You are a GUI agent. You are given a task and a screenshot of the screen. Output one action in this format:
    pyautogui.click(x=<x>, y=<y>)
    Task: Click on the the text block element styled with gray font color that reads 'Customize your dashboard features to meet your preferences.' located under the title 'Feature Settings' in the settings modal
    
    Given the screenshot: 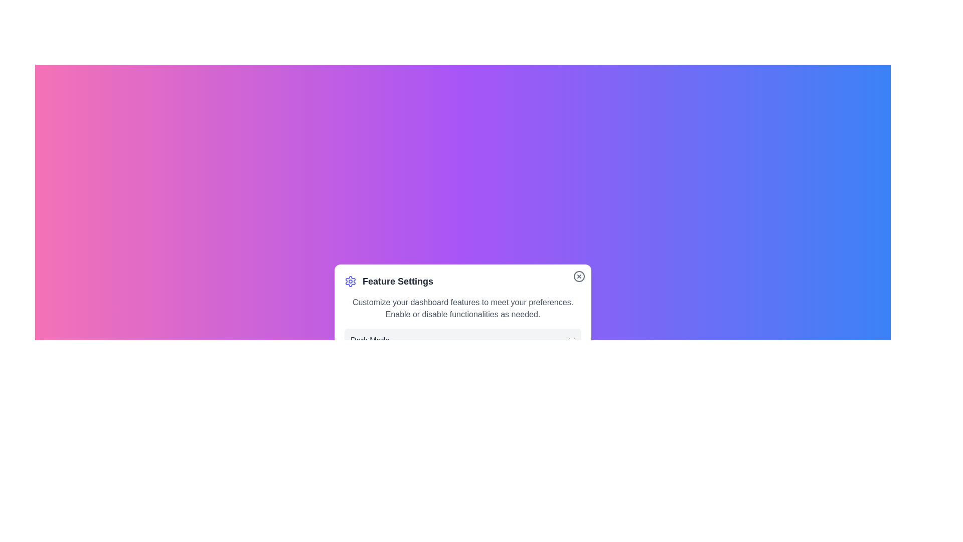 What is the action you would take?
    pyautogui.click(x=462, y=308)
    